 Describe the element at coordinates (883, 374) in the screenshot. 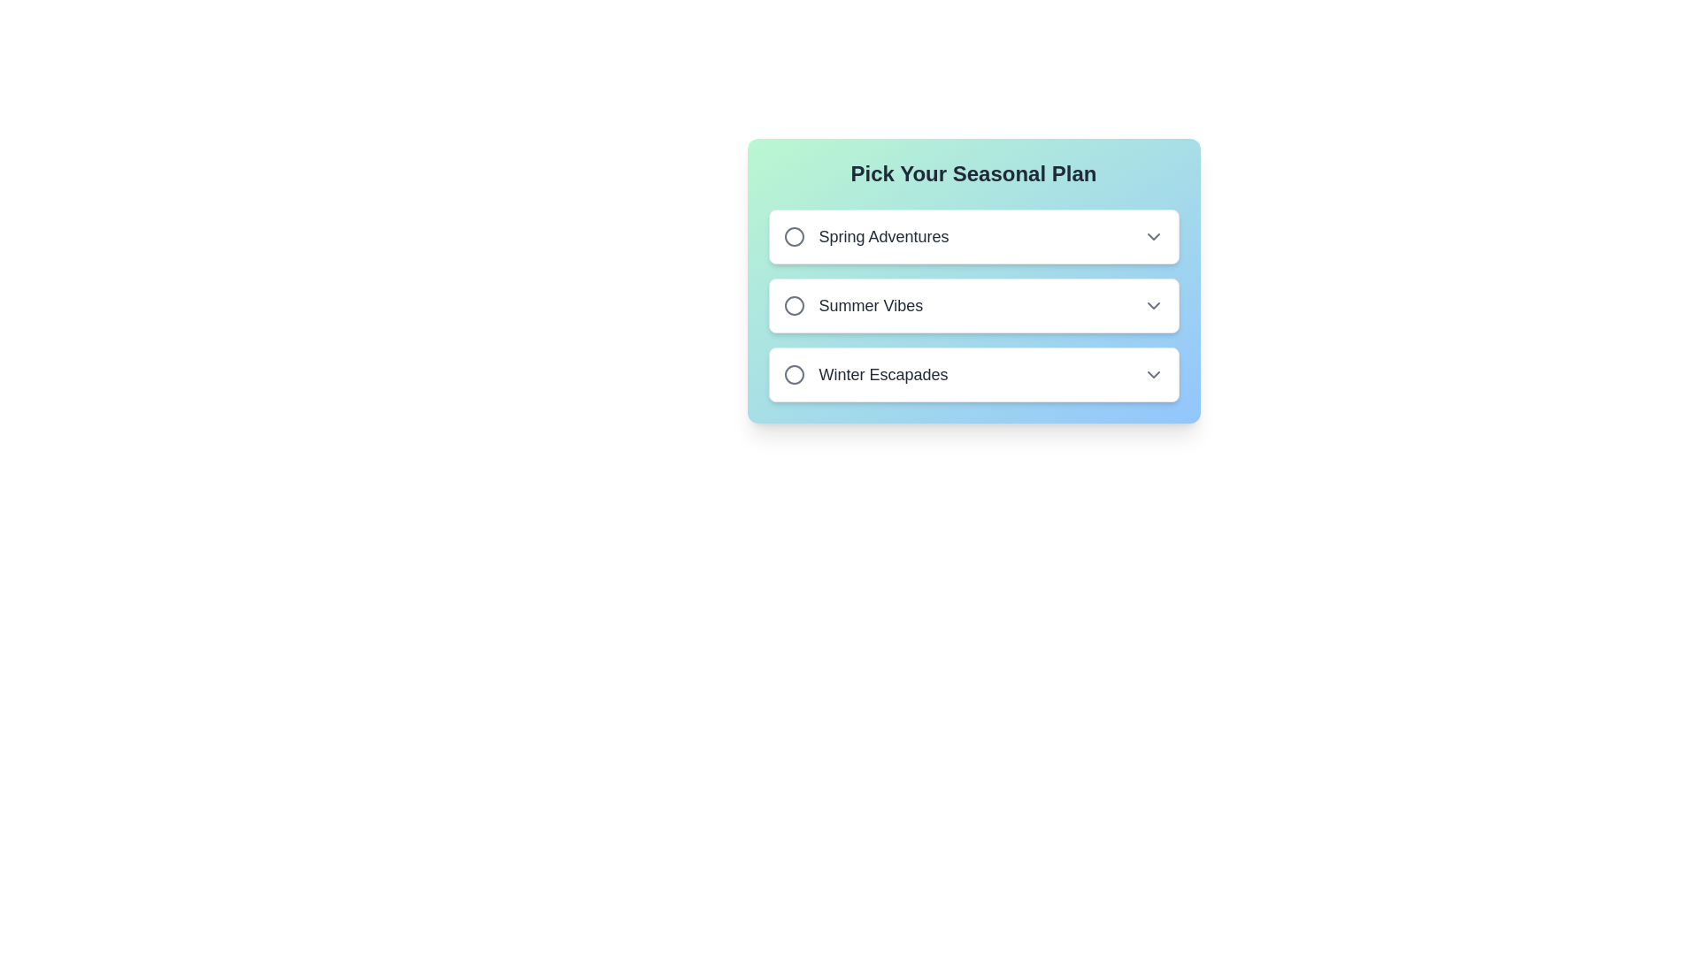

I see `the text label that identifies the winter-themed plans, which is the third item in the vertical list under 'Pick Your Seasonal Plan', located below 'Summer Vibes'` at that location.